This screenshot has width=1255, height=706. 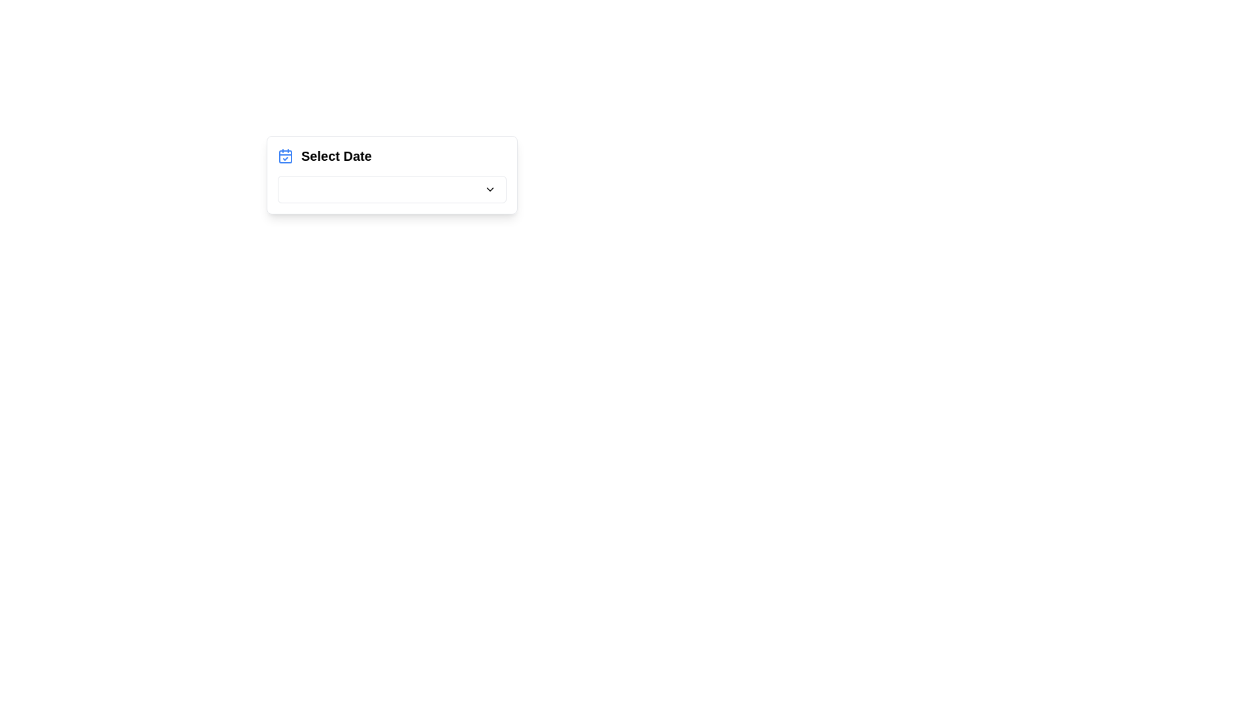 What do you see at coordinates (284, 156) in the screenshot?
I see `the blue calendar icon with a check mark, located to the left of the 'Select Date' label` at bounding box center [284, 156].